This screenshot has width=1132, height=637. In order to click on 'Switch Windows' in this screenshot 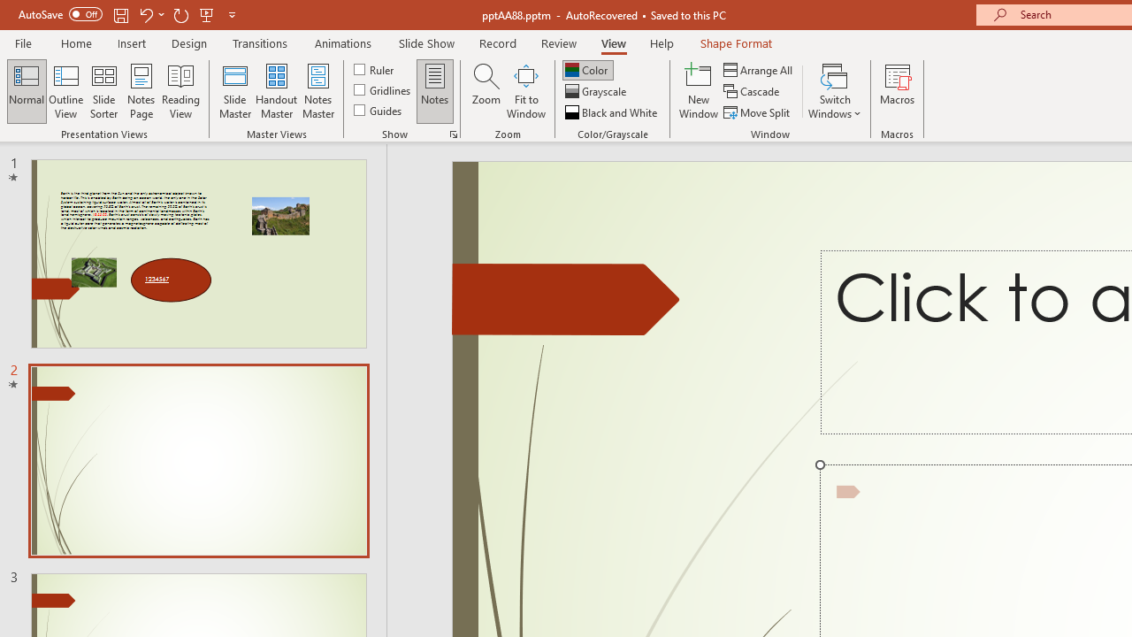, I will do `click(834, 91)`.